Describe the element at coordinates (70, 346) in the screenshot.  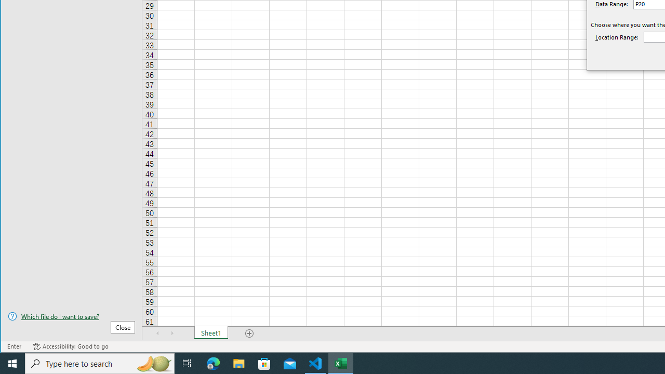
I see `'Accessibility Checker Accessibility: Good to go'` at that location.